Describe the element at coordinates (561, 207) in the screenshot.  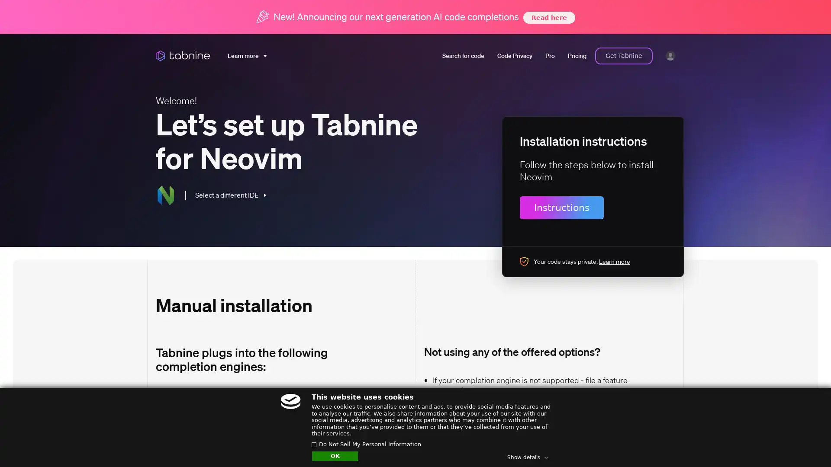
I see `Instructions` at that location.